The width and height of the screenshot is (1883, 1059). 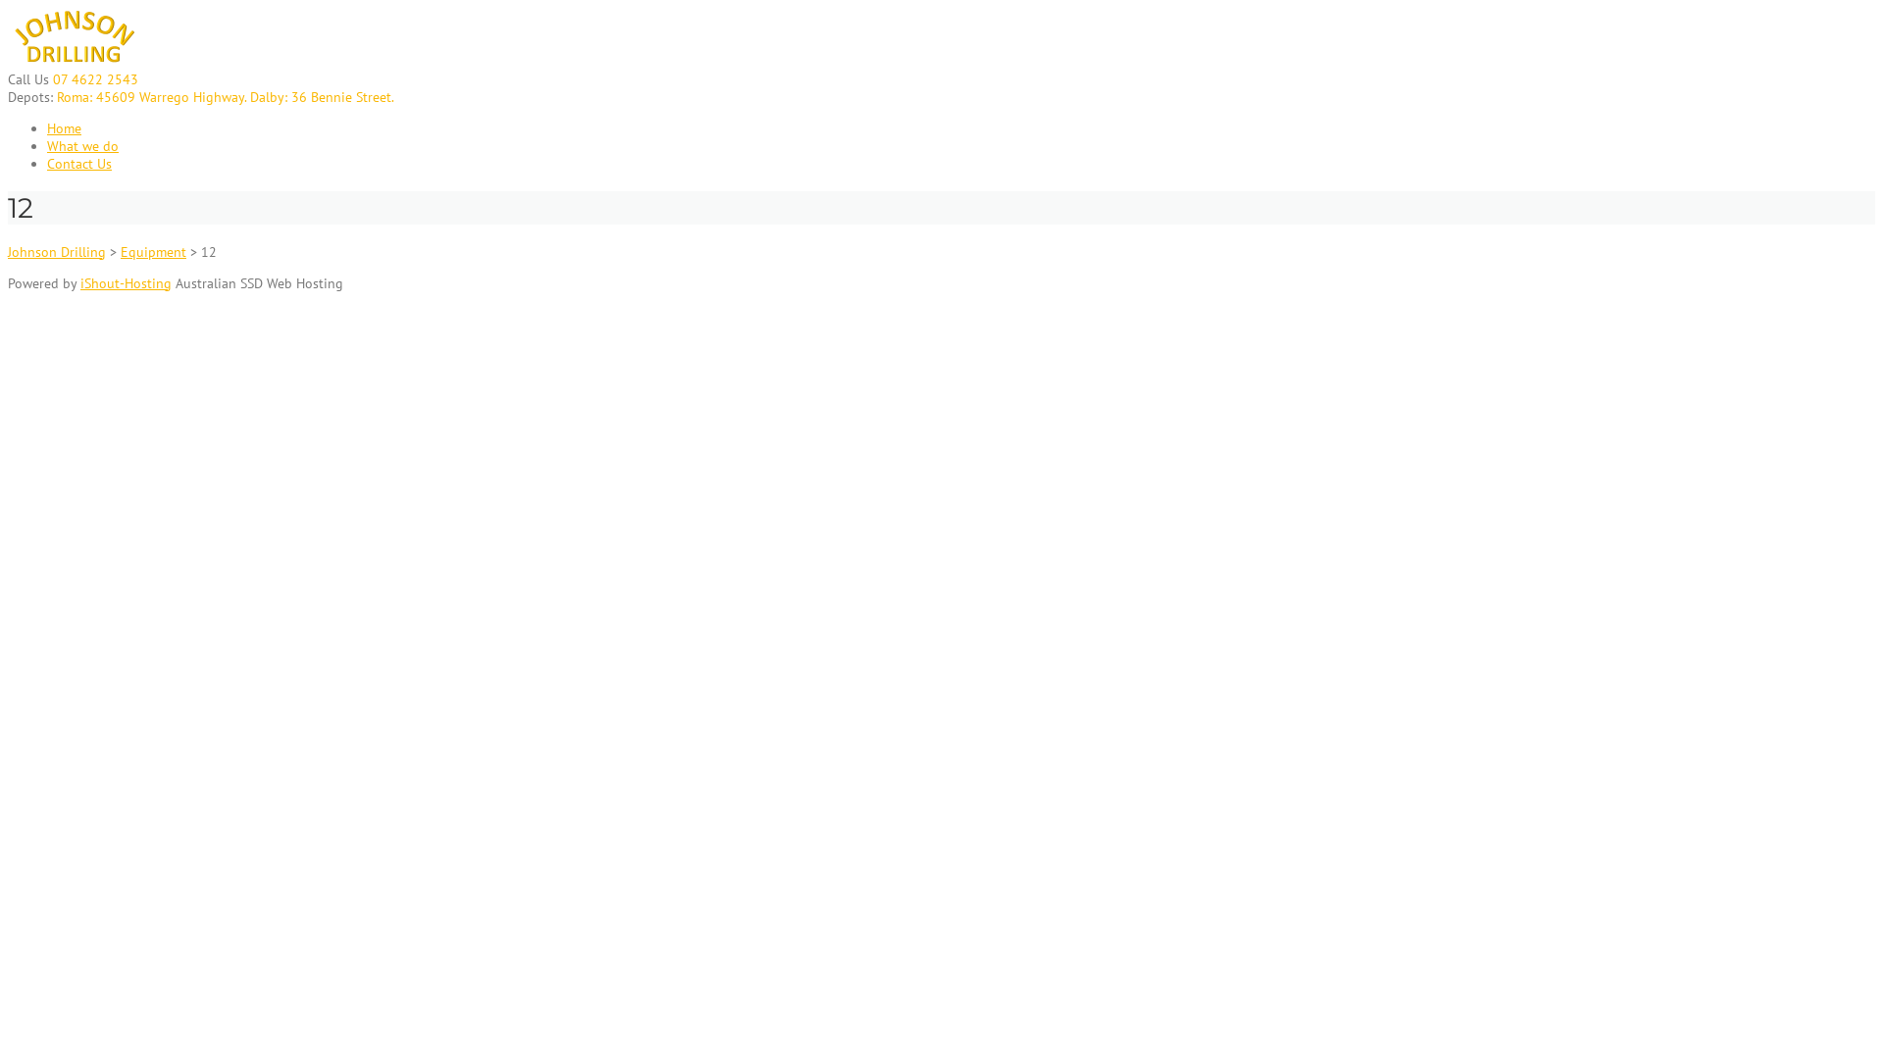 I want to click on 'What we do', so click(x=81, y=145).